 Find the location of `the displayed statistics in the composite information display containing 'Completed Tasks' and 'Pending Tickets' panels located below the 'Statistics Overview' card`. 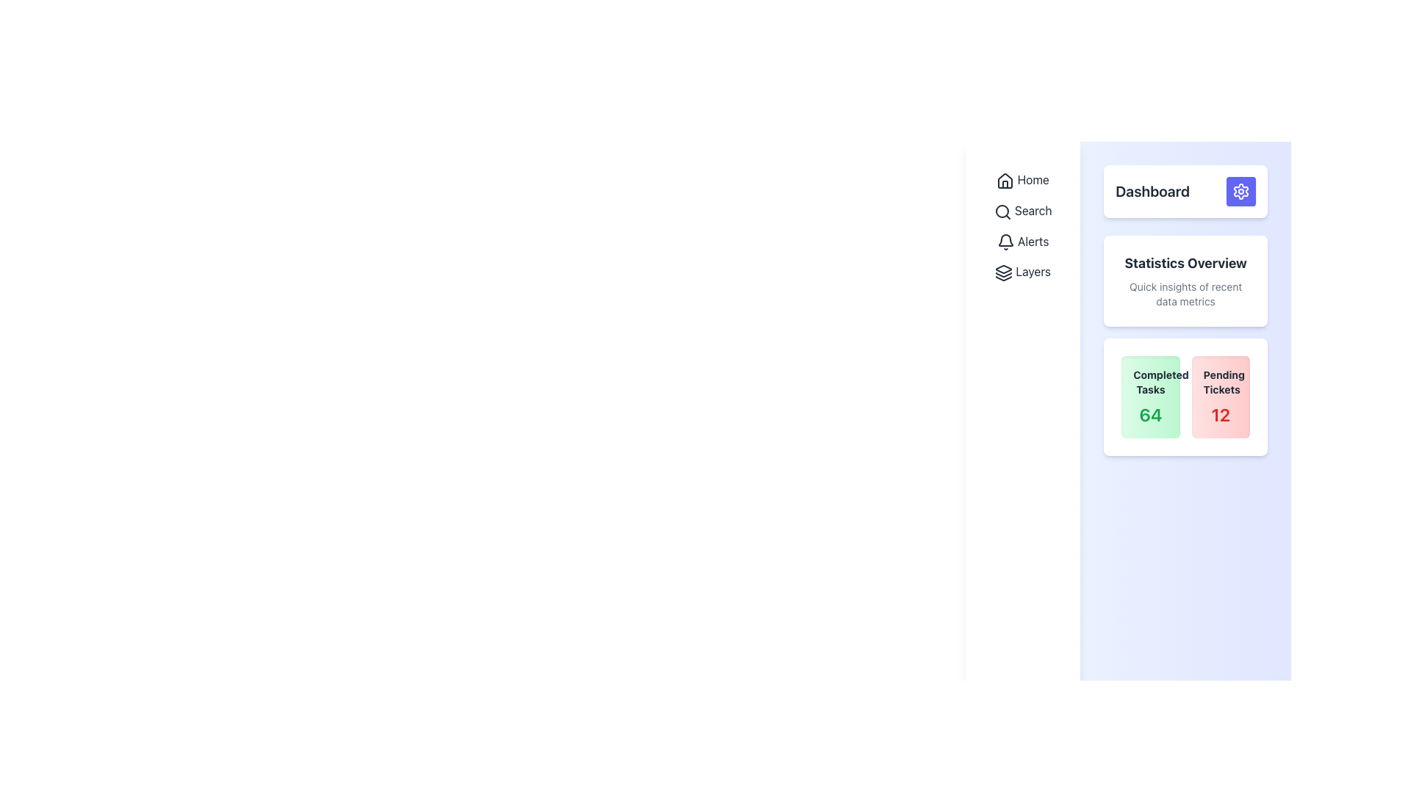

the displayed statistics in the composite information display containing 'Completed Tasks' and 'Pending Tickets' panels located below the 'Statistics Overview' card is located at coordinates (1185, 396).